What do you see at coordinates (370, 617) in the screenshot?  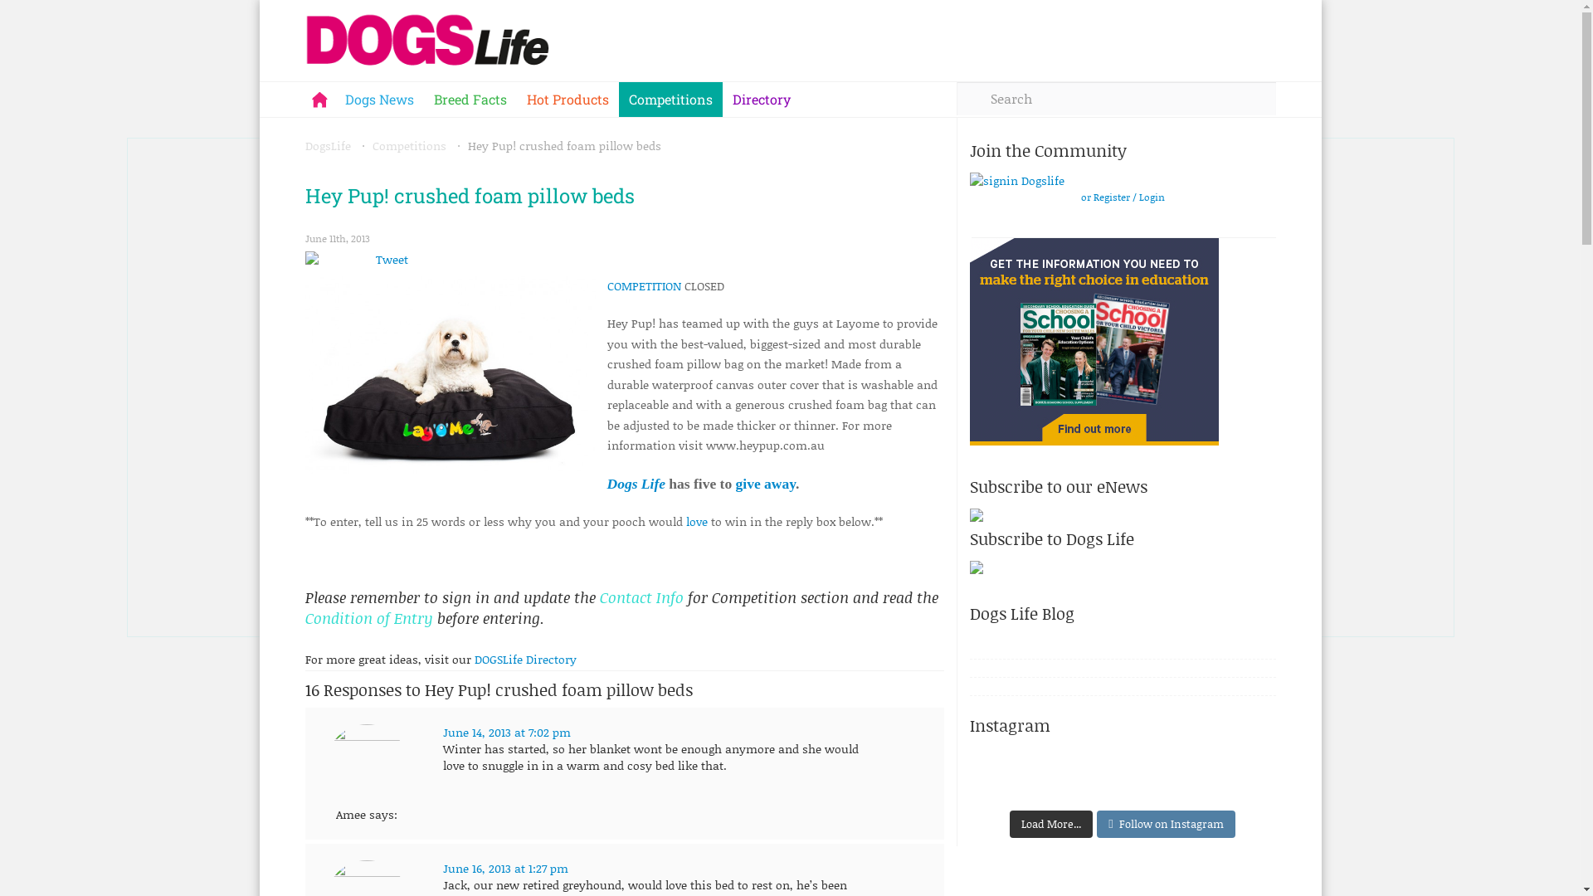 I see `'Condition of Entry'` at bounding box center [370, 617].